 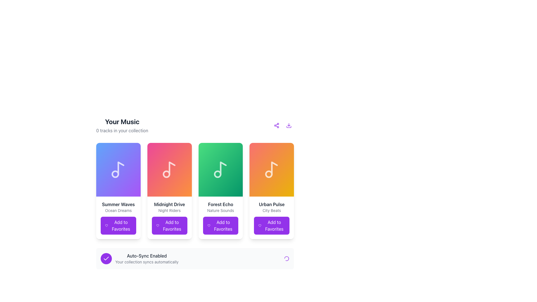 What do you see at coordinates (217, 174) in the screenshot?
I see `the small circular decorative element filled with a solid color located within the graphical representation of the song card 'Forest Echo', specifically within the center region of the music symbol graphic` at bounding box center [217, 174].